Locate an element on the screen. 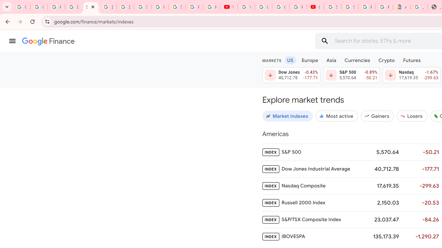 This screenshot has height=248, width=442. 'Gainers' is located at coordinates (377, 115).